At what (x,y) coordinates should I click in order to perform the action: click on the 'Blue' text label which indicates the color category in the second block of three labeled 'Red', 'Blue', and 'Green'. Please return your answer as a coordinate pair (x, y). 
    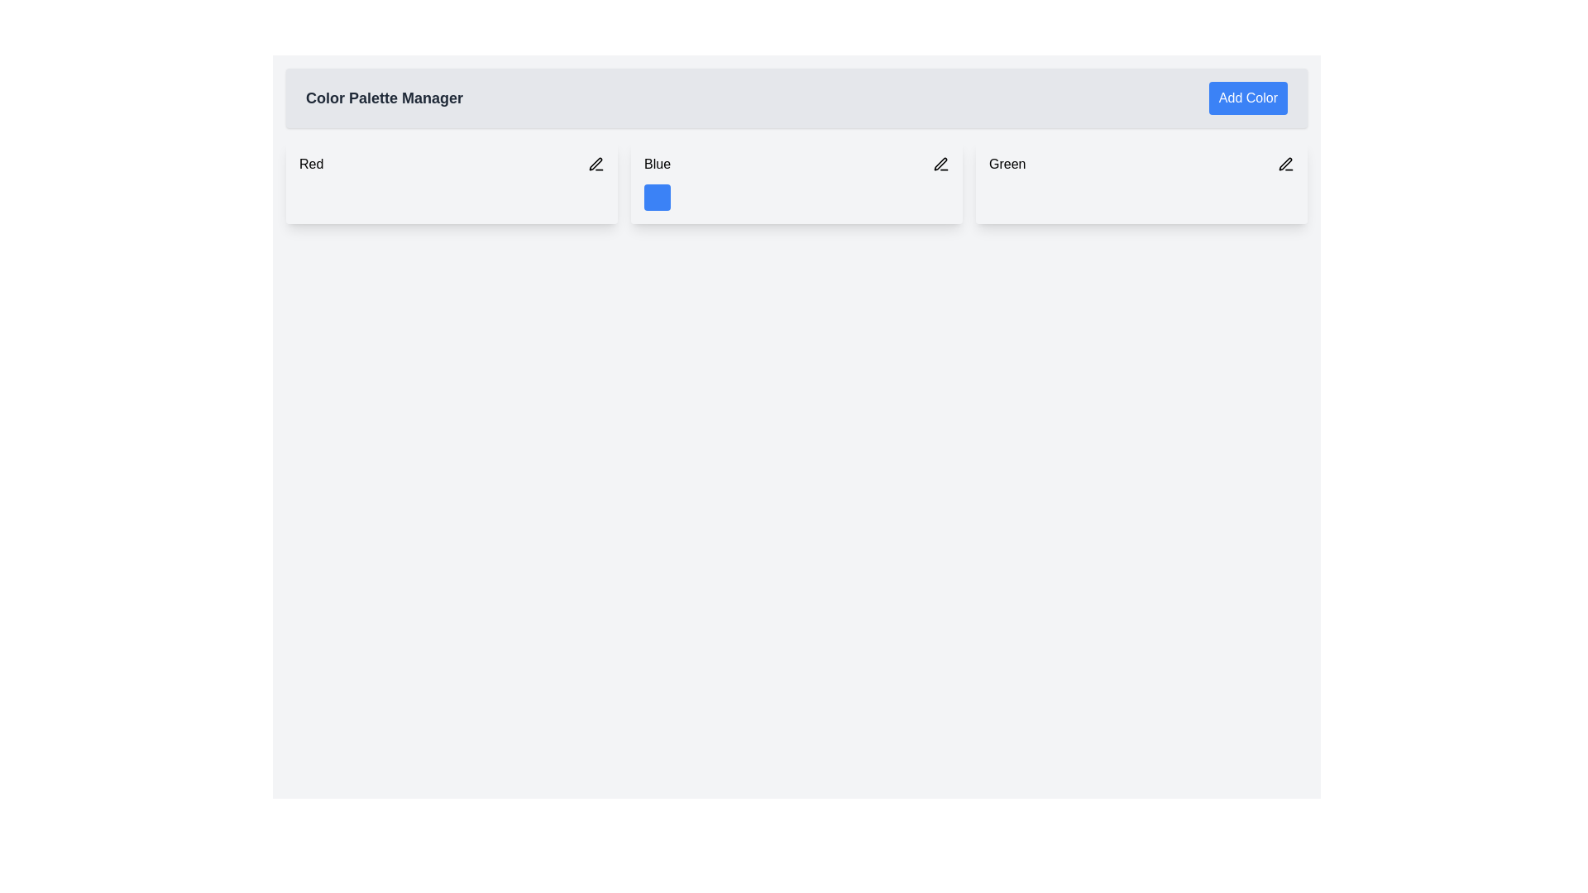
    Looking at the image, I should click on (796, 165).